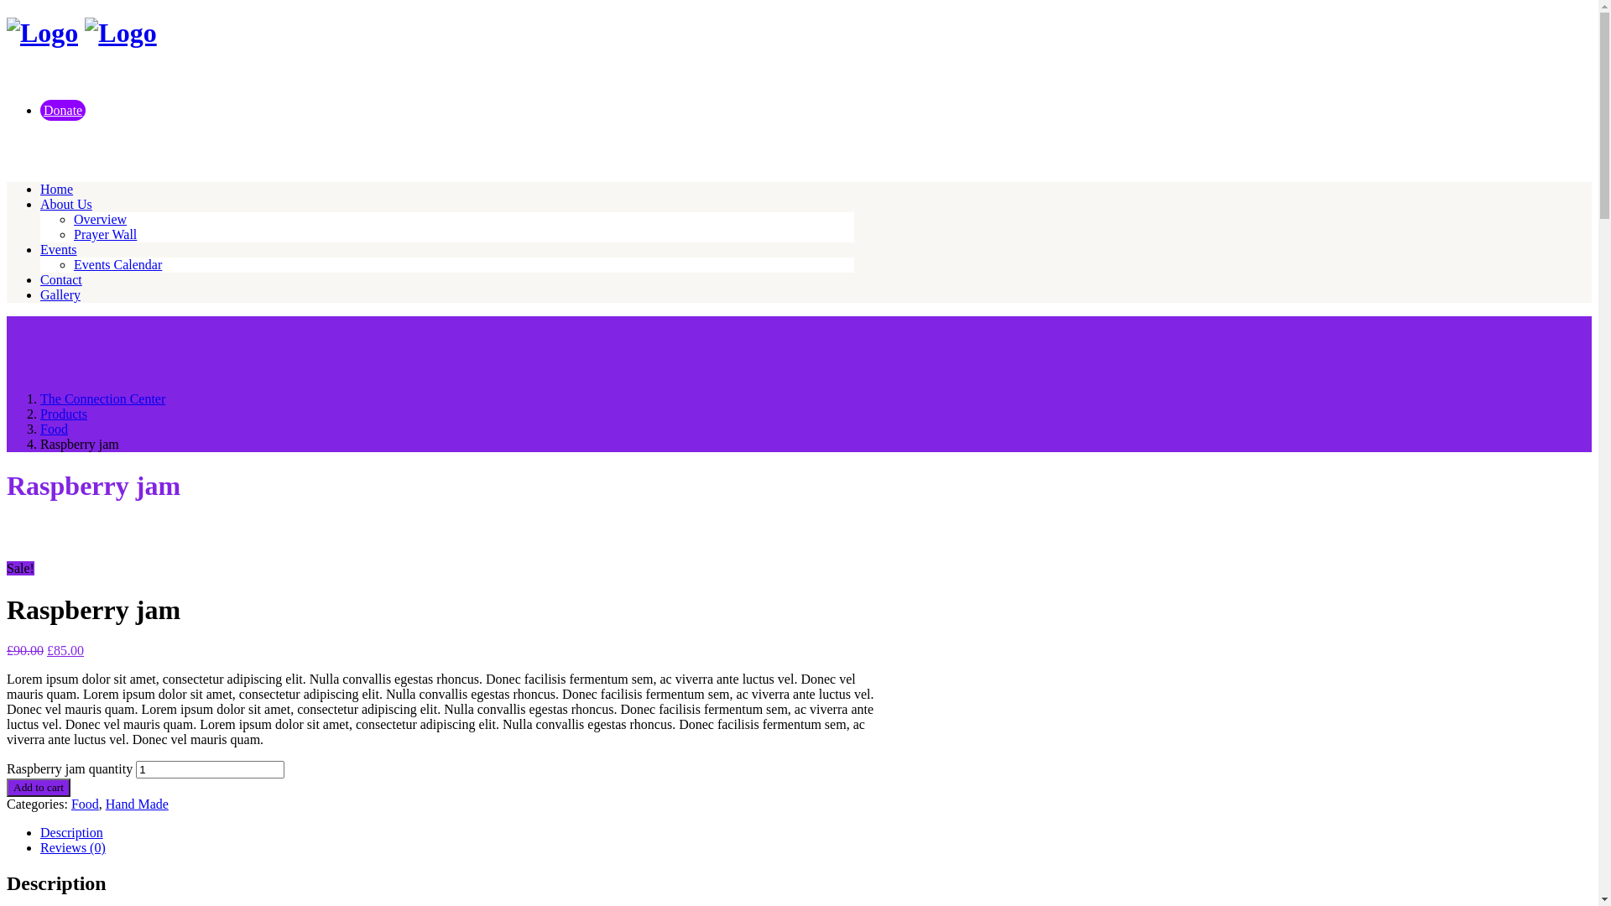  What do you see at coordinates (117, 264) in the screenshot?
I see `'Events Calendar'` at bounding box center [117, 264].